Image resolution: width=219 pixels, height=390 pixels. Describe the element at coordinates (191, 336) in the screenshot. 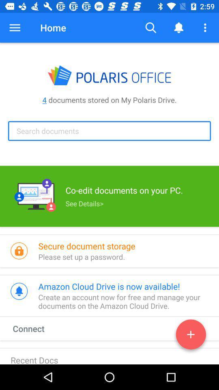

I see `new document` at that location.